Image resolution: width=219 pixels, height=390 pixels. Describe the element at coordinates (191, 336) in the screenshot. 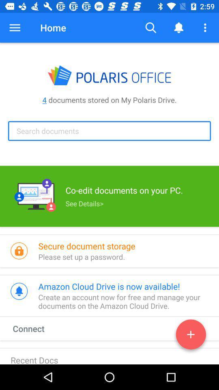

I see `new document` at that location.